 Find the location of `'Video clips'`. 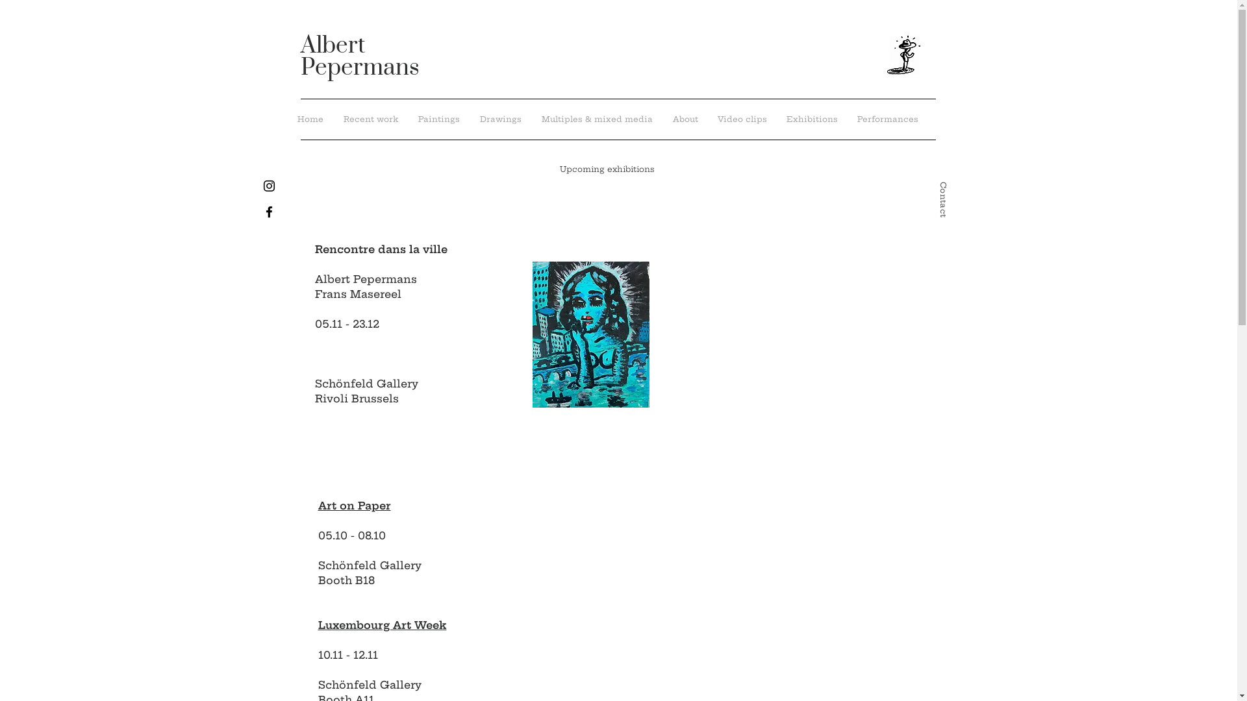

'Video clips' is located at coordinates (742, 119).